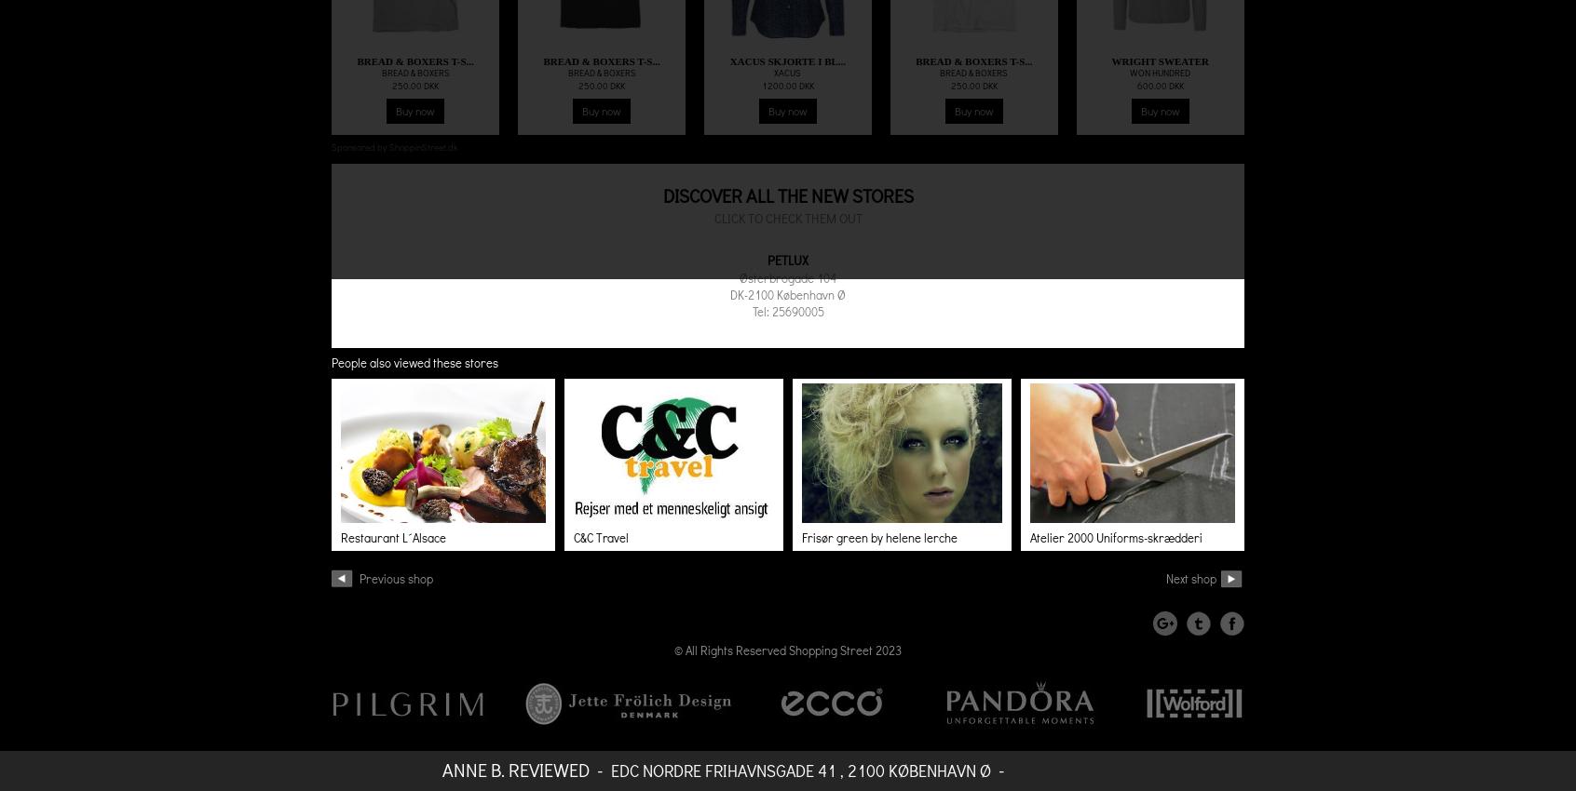  Describe the element at coordinates (360, 147) in the screenshot. I see `'Sponsored by'` at that location.